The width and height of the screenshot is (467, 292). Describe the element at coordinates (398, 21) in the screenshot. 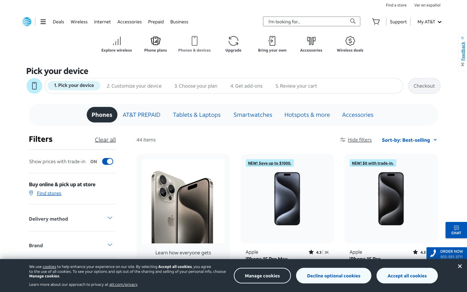

I see `the support area` at that location.